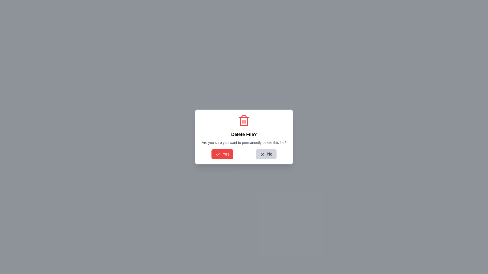 The image size is (488, 274). I want to click on the 'No' button, which is a horizontally-aligned button with a light gray background and bold black text, located to the right of the 'Yes' button and below the confirmation text, to decline the action, so click(266, 154).